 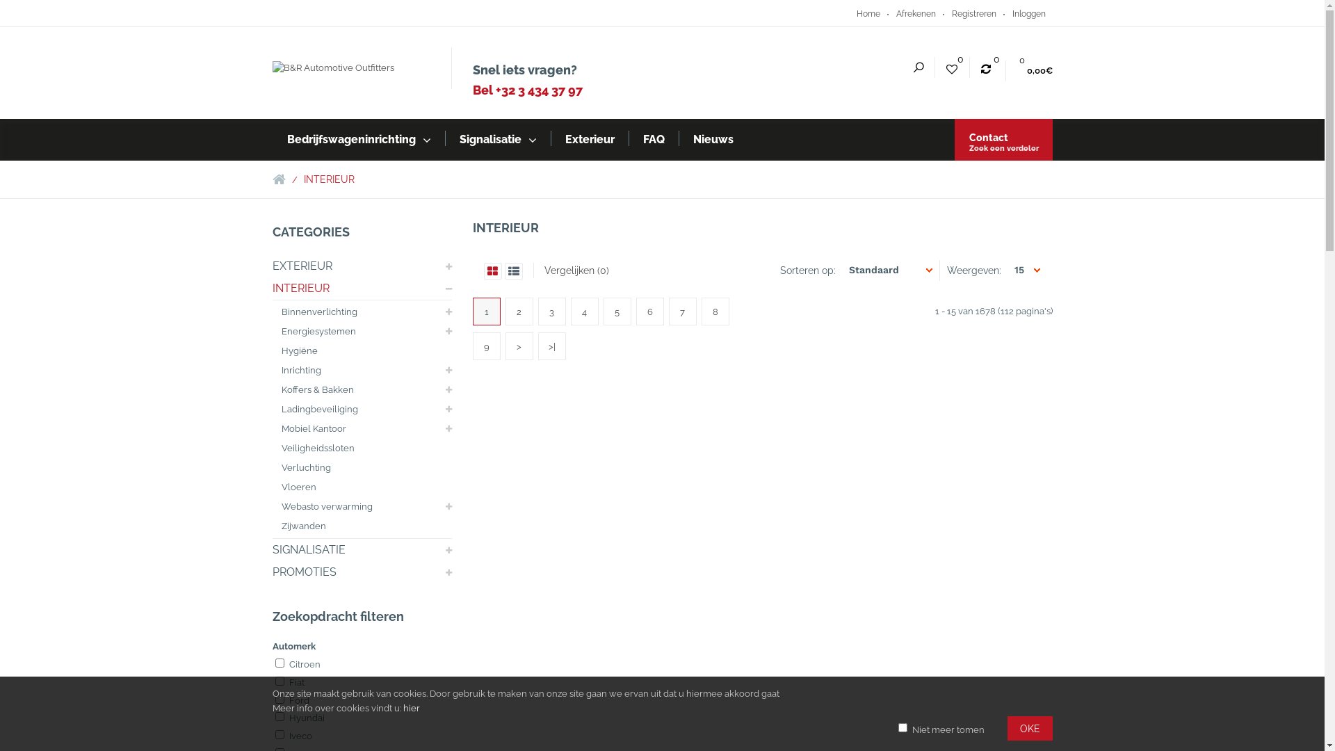 What do you see at coordinates (280, 428) in the screenshot?
I see `'Mobiel Kantoor'` at bounding box center [280, 428].